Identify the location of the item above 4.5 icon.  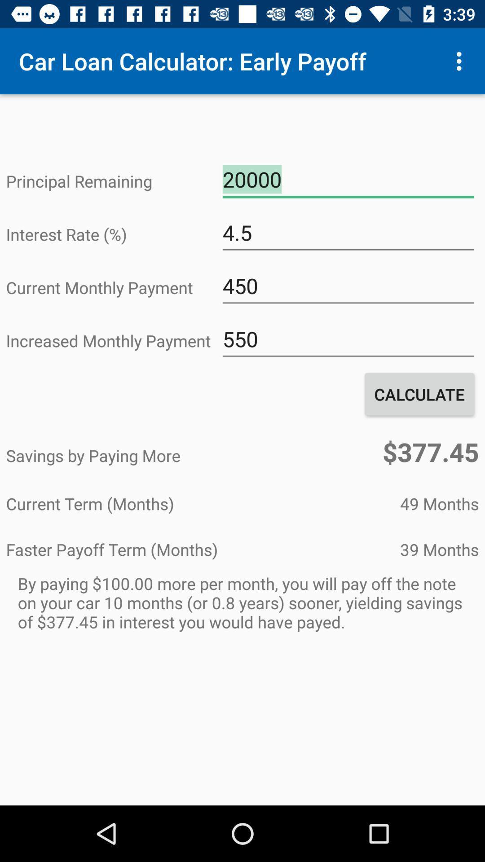
(348, 180).